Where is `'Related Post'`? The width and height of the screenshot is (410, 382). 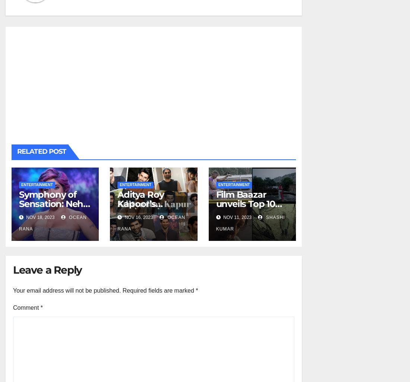 'Related Post' is located at coordinates (41, 150).